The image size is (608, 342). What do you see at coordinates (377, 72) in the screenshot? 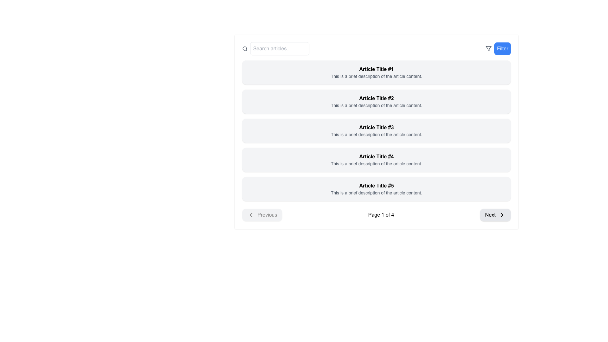
I see `the first article preview item in the vertical list, which provides a title and brief description, located just below the search bar and filter button` at bounding box center [377, 72].